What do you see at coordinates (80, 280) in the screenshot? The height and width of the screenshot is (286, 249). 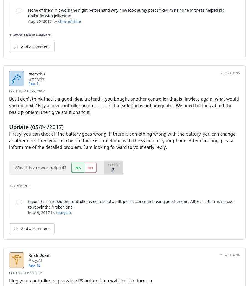 I see `'Plug your controller in, press the PS button then wait for it to turn on'` at bounding box center [80, 280].